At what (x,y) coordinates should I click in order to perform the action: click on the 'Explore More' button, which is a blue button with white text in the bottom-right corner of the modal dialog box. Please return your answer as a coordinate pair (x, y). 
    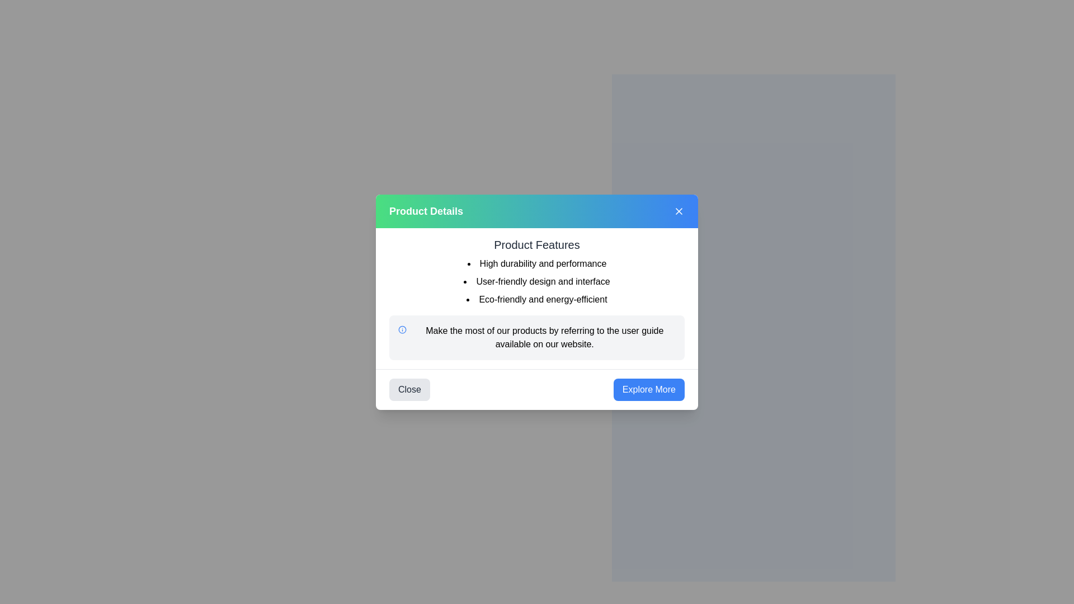
    Looking at the image, I should click on (649, 389).